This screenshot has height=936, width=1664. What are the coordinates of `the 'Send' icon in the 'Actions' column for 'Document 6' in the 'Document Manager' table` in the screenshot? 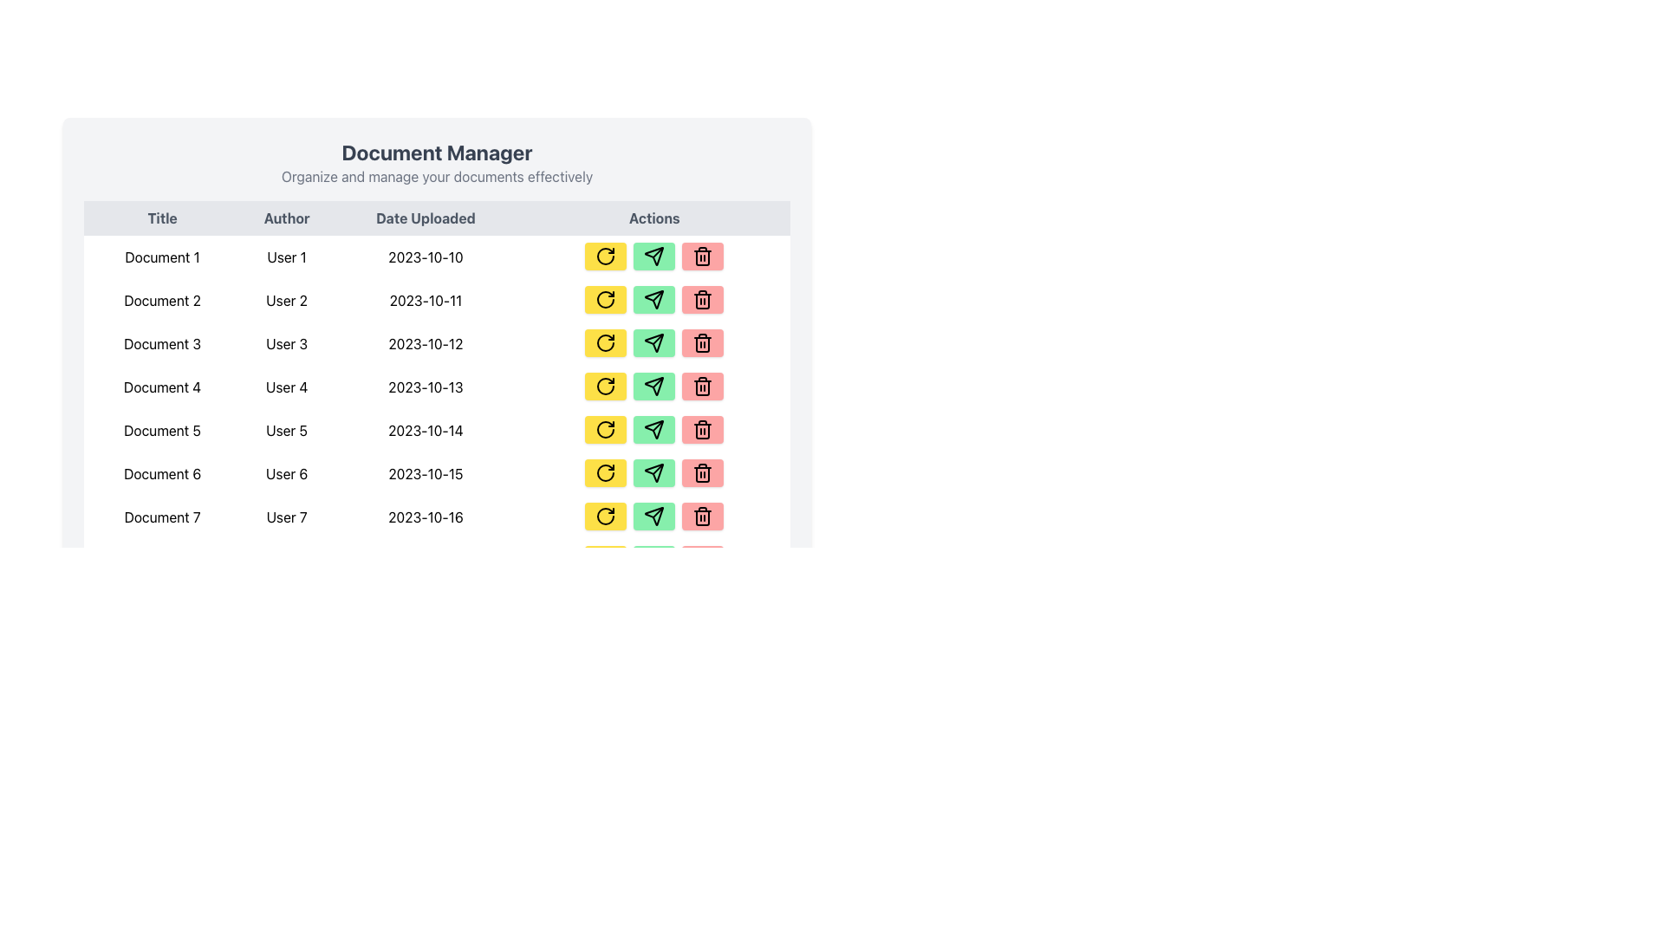 It's located at (653, 473).